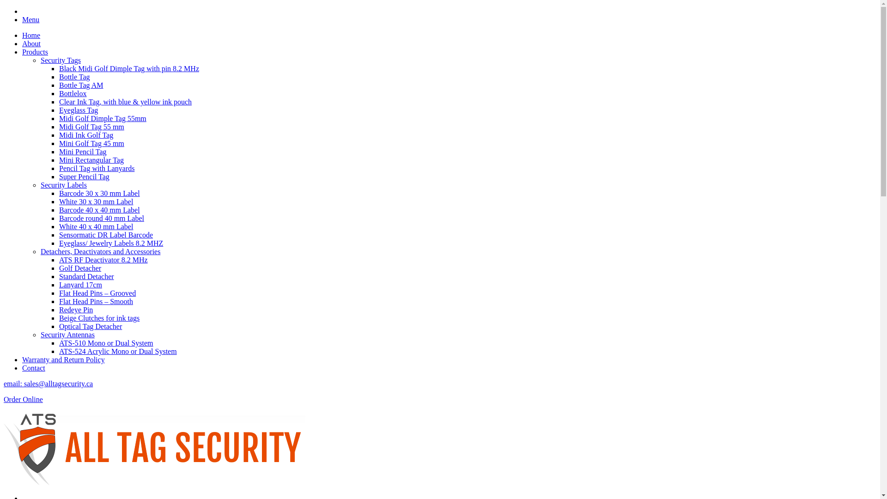 This screenshot has width=887, height=499. What do you see at coordinates (80, 284) in the screenshot?
I see `'Lanyard 17cm'` at bounding box center [80, 284].